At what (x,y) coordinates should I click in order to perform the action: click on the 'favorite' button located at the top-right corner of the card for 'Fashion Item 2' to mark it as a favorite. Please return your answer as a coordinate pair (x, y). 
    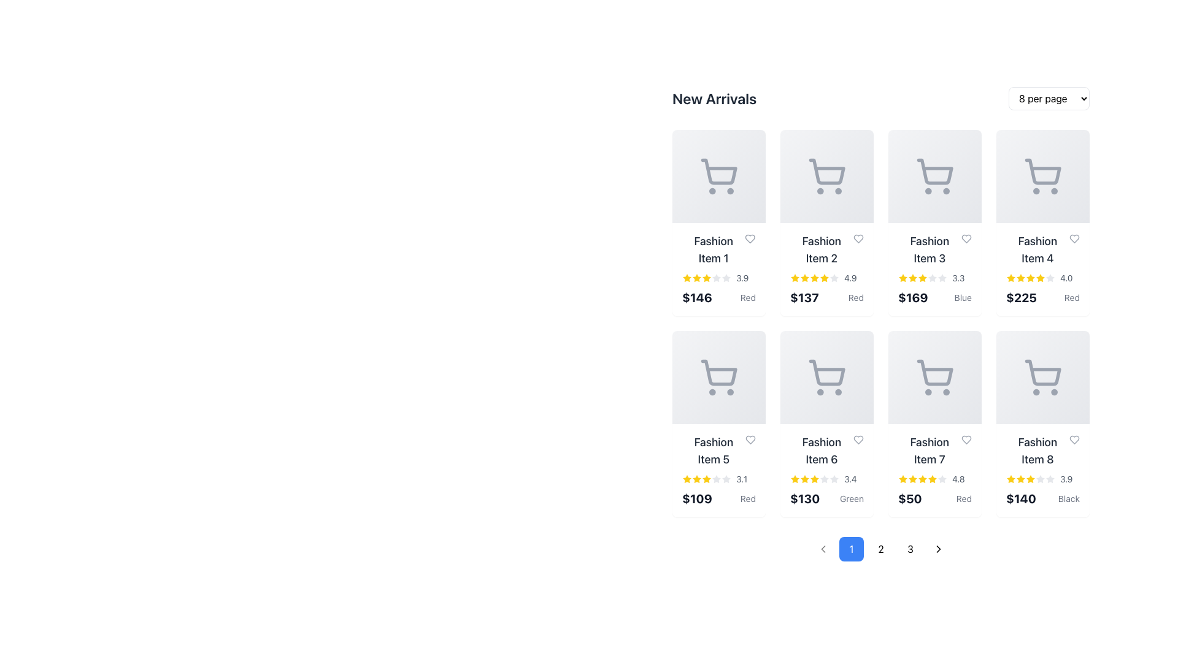
    Looking at the image, I should click on (858, 238).